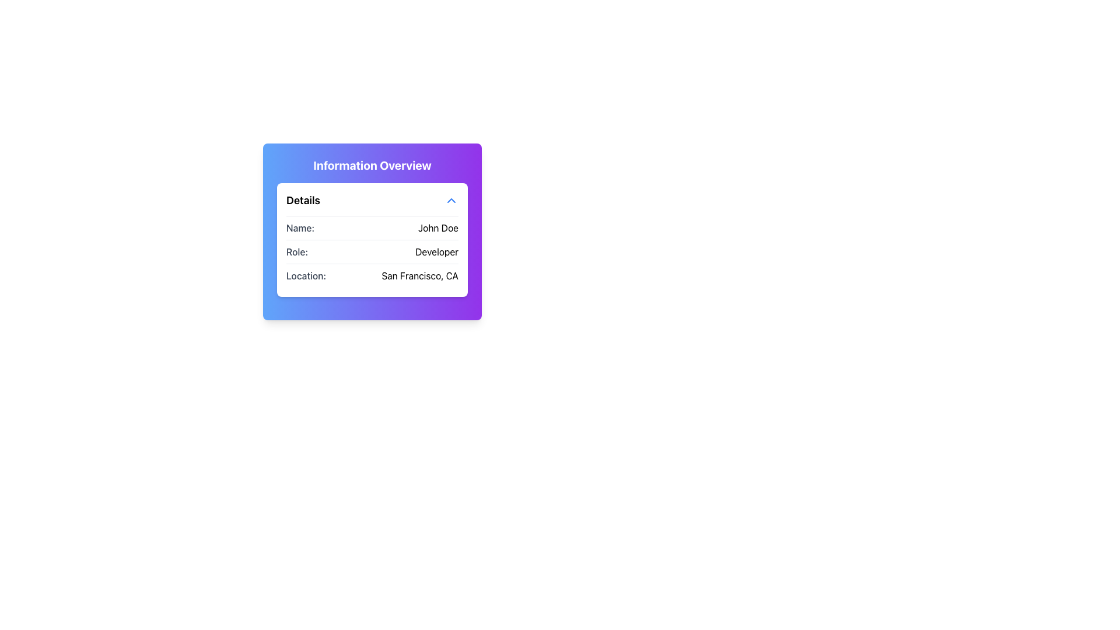  What do you see at coordinates (303, 199) in the screenshot?
I see `the text label displaying 'Details' located at the top left corner of the 'Information Overview' card` at bounding box center [303, 199].